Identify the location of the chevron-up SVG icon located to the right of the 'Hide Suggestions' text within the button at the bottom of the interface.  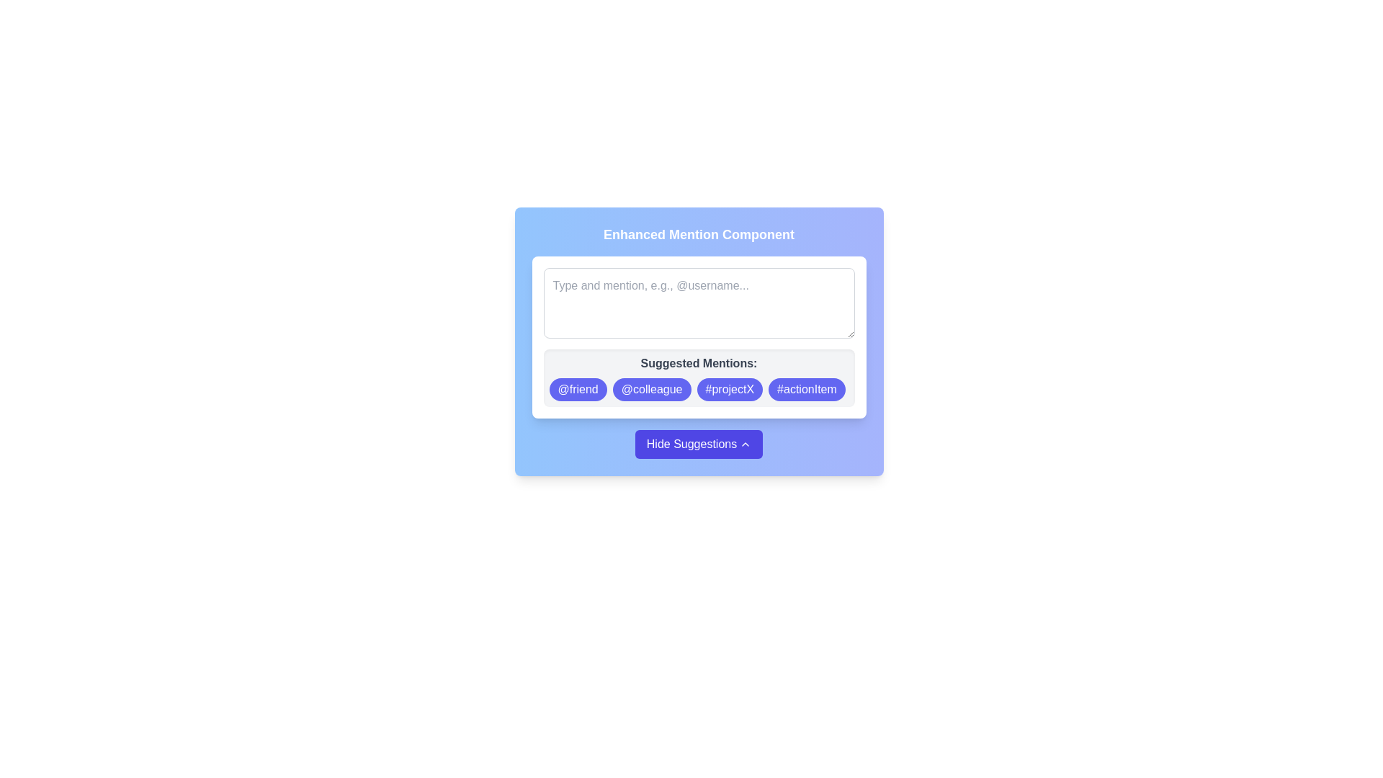
(746, 444).